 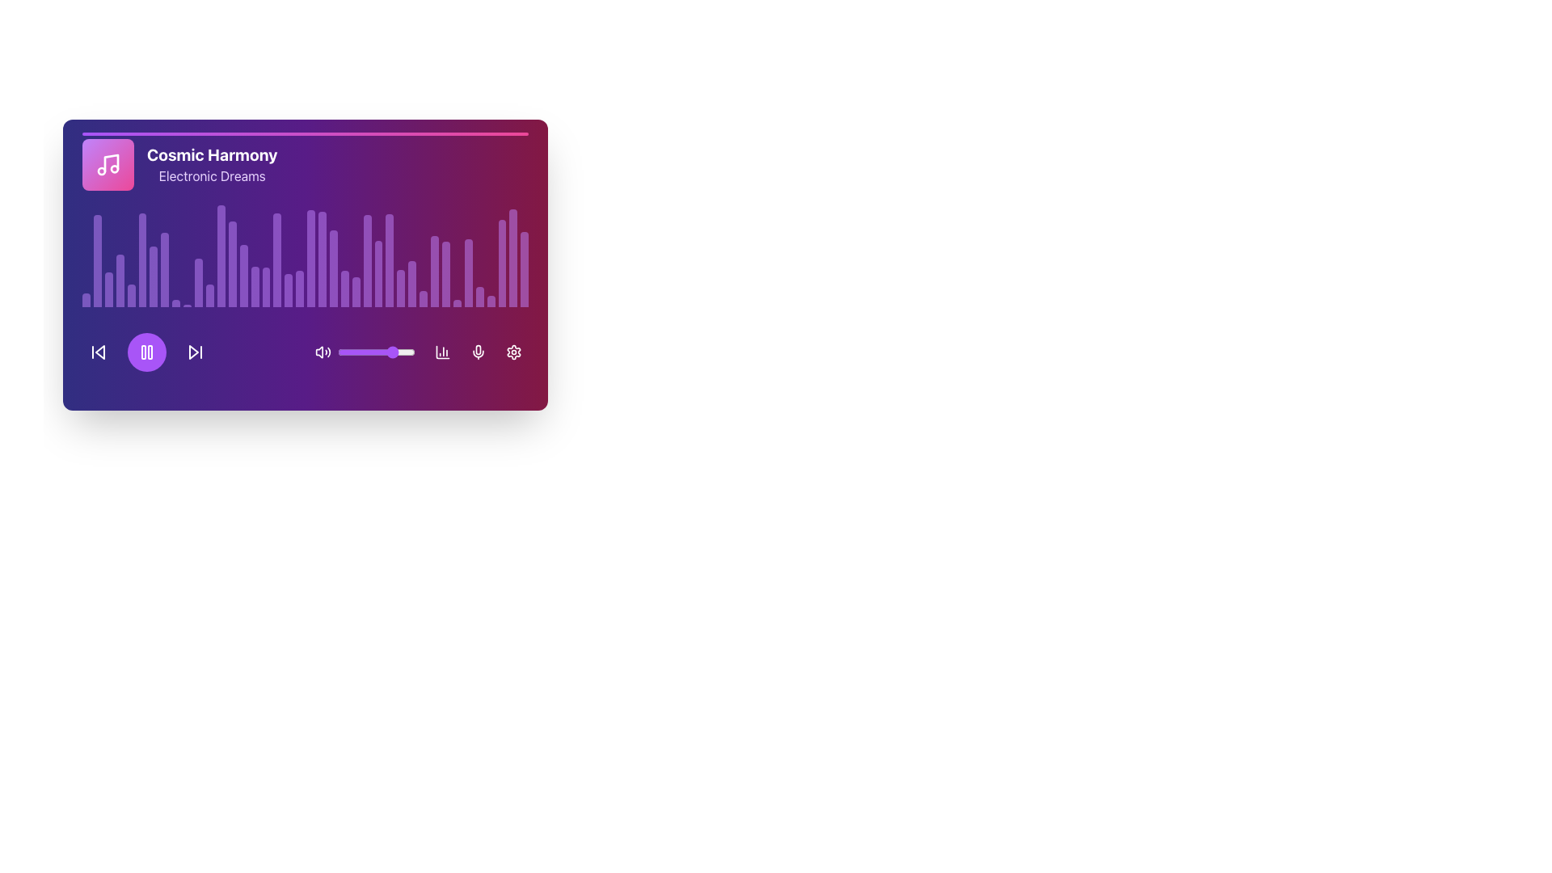 I want to click on the sixth vertical bar in the histogram component of the music player interface, which represents a data value or amplitude level, so click(x=142, y=259).